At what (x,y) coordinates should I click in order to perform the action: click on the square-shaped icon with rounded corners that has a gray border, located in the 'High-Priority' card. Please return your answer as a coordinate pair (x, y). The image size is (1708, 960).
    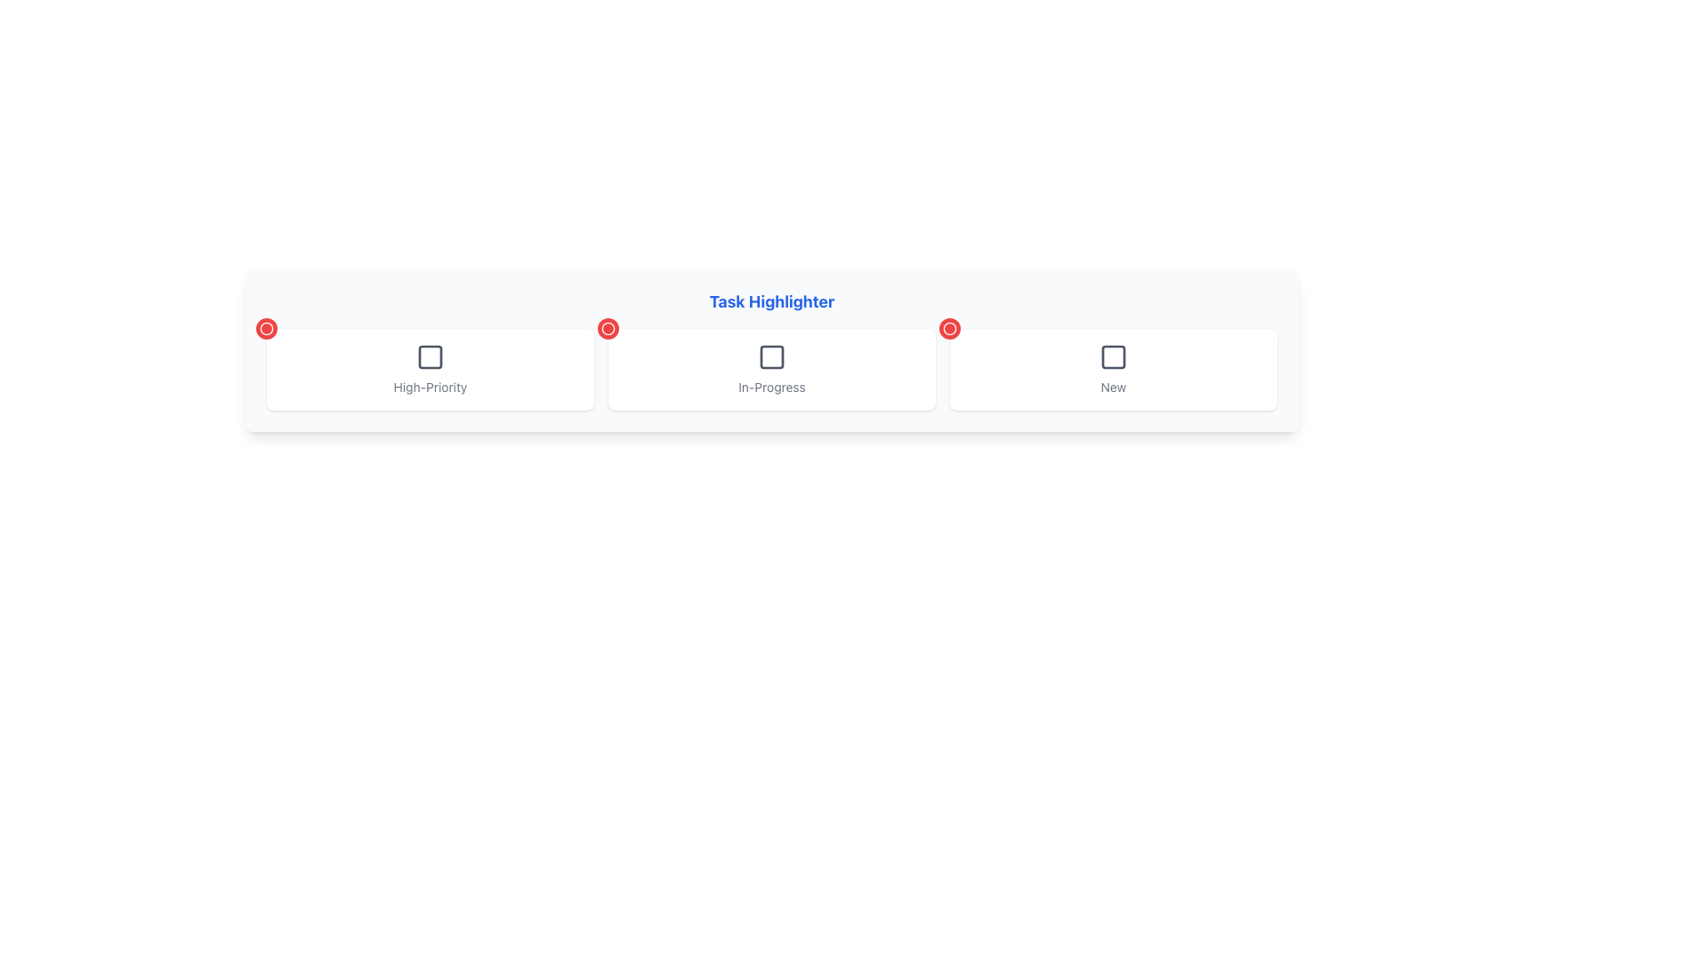
    Looking at the image, I should click on (431, 356).